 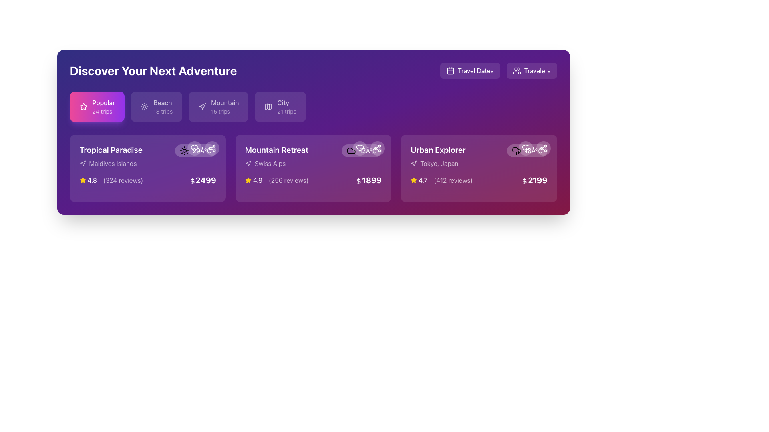 I want to click on the Information Display (Weather Indicator) which shows the current temperature of '12°C' with a cloud icon, located at the top-right corner of the 'Mountain Retreat' trip card, so click(x=361, y=151).